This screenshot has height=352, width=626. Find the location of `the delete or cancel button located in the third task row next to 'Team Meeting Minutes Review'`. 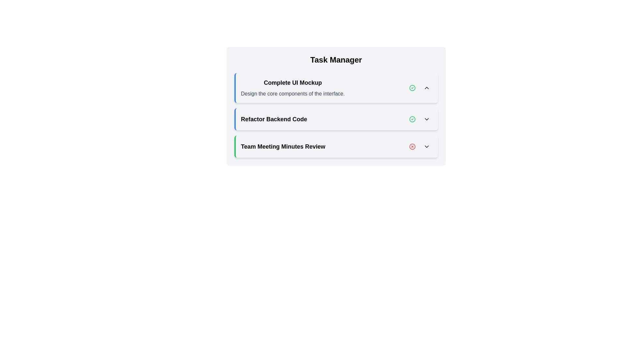

the delete or cancel button located in the third task row next to 'Team Meeting Minutes Review' is located at coordinates (412, 147).